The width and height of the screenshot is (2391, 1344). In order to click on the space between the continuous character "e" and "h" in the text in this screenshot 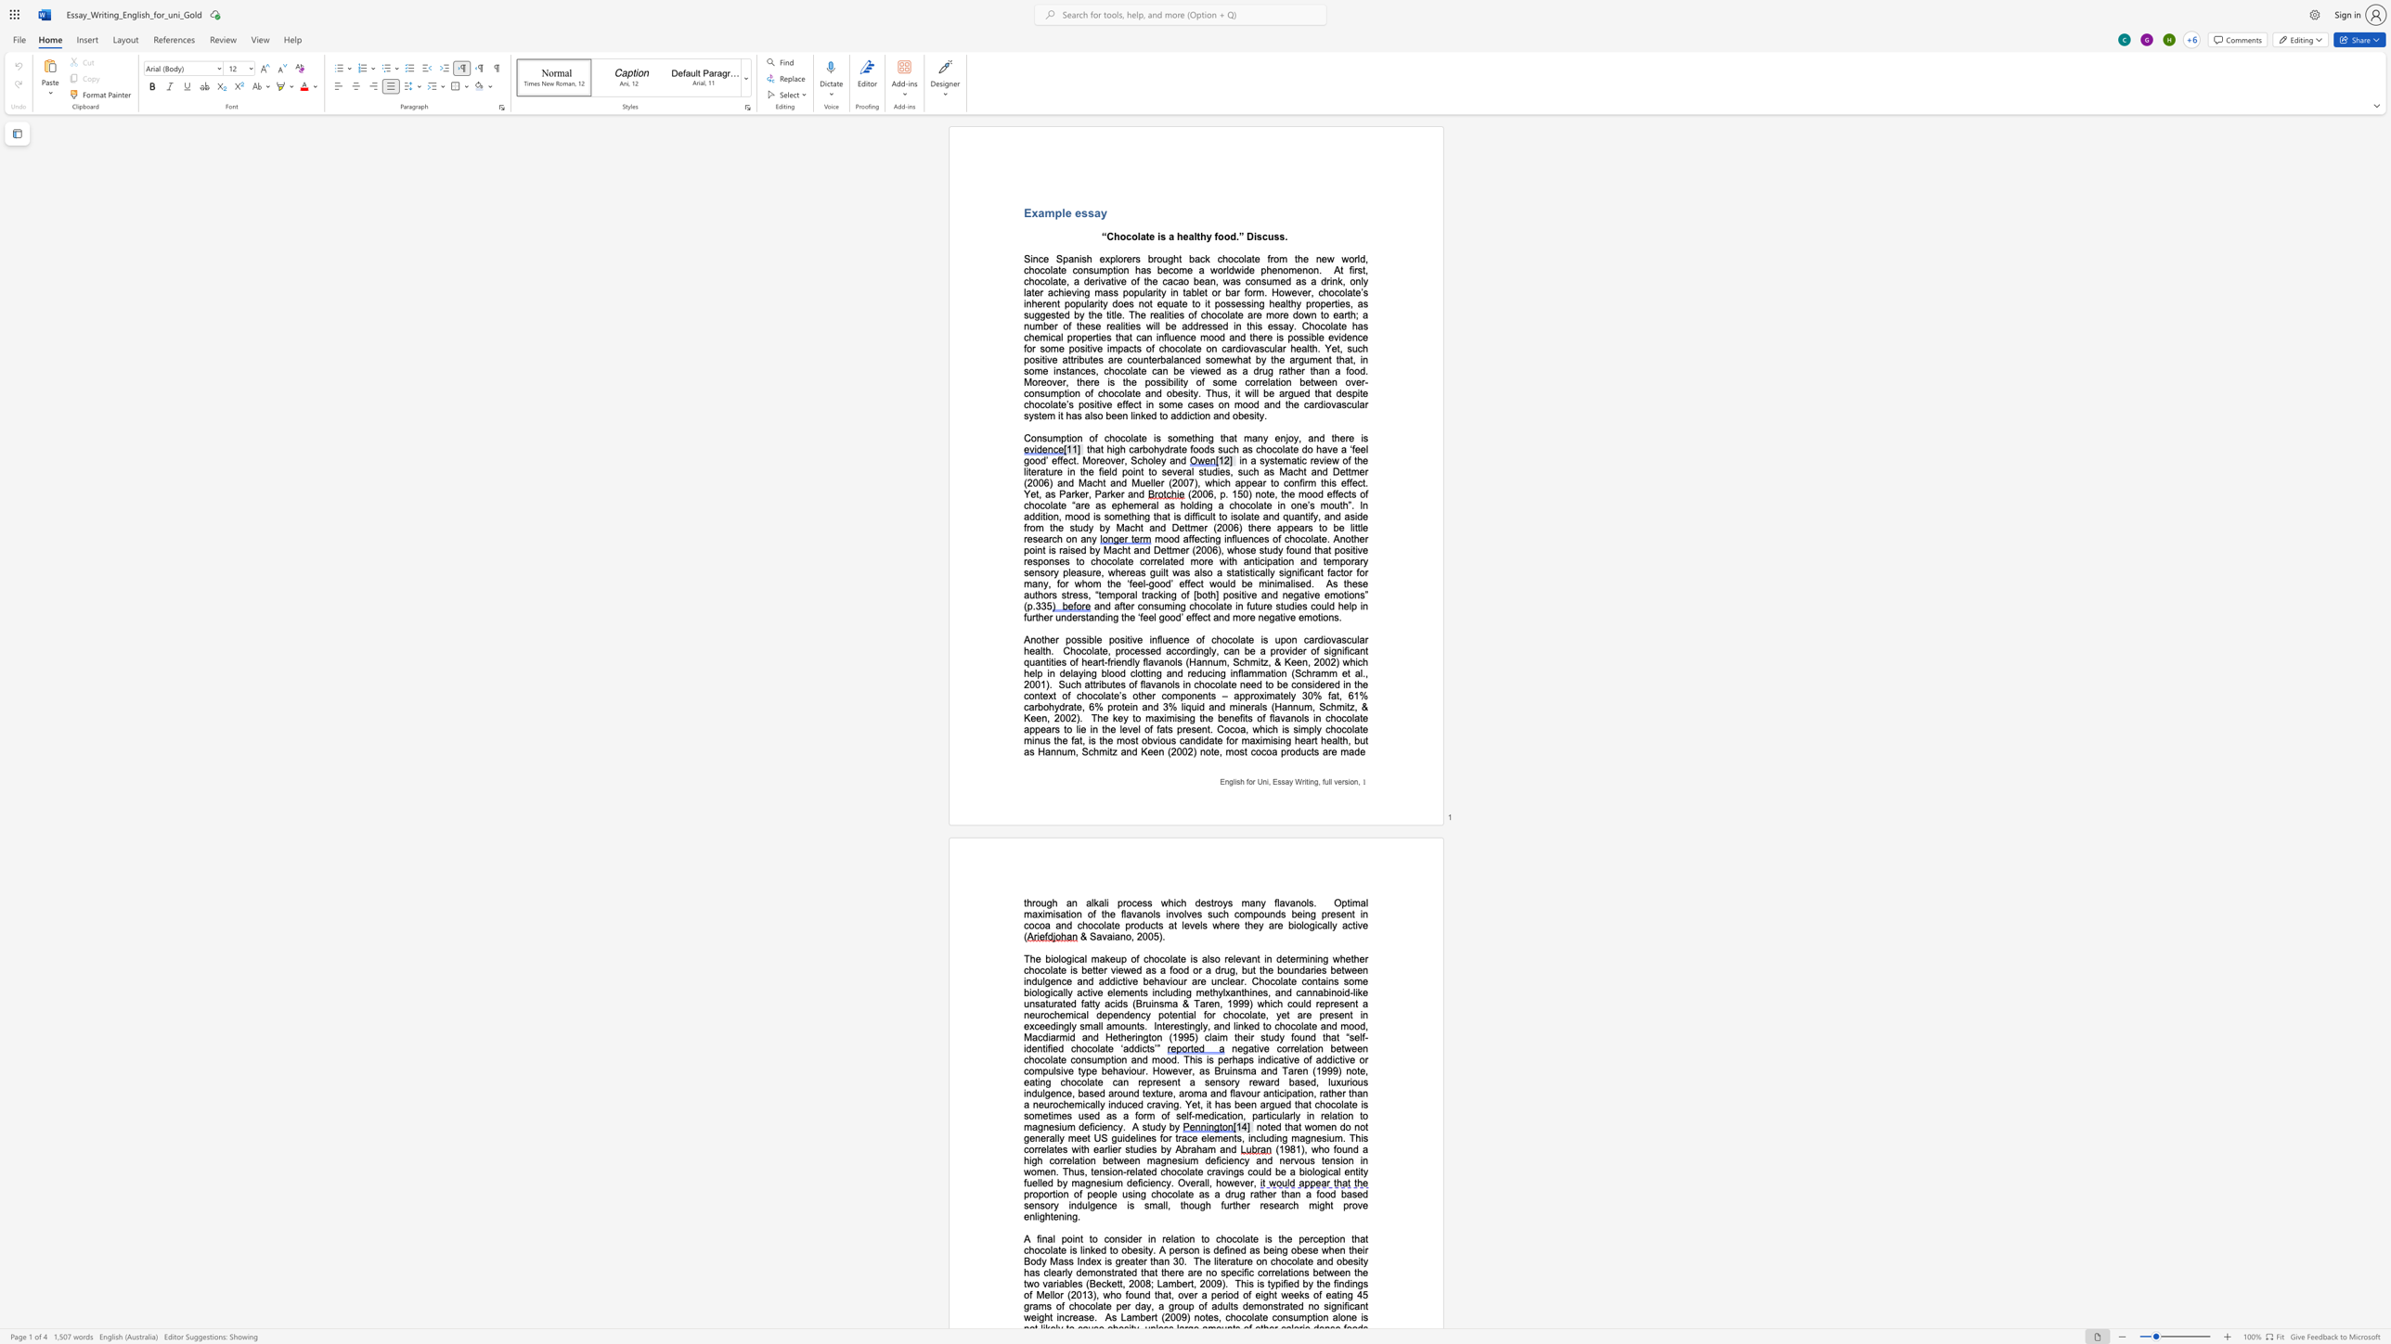, I will do `click(1113, 1069)`.